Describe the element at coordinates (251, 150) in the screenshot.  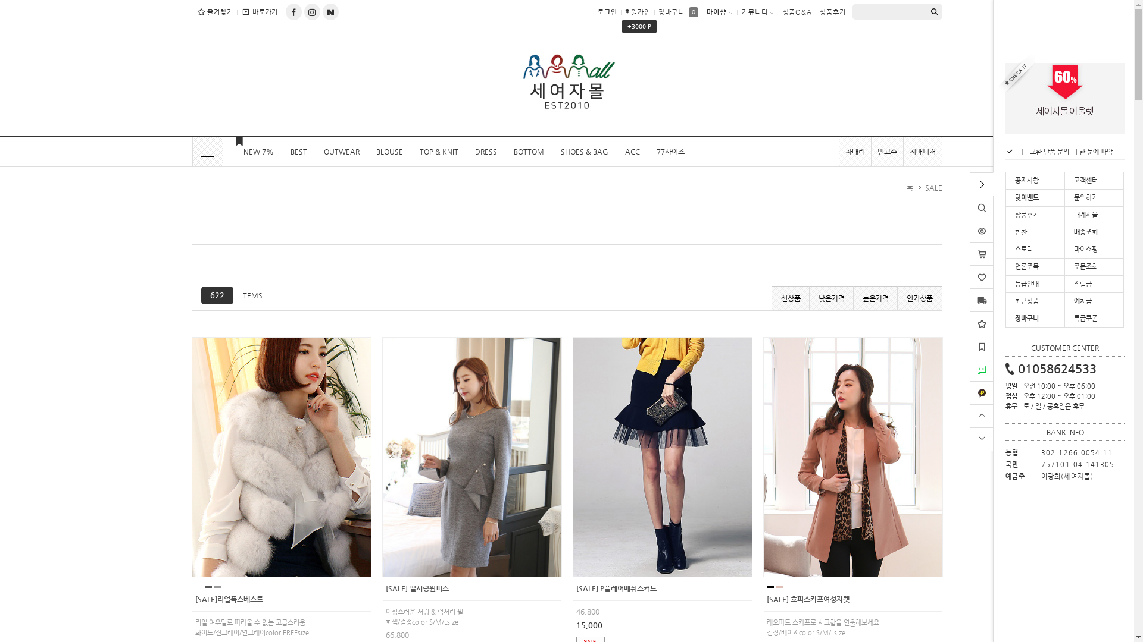
I see `'NEW 7%'` at that location.